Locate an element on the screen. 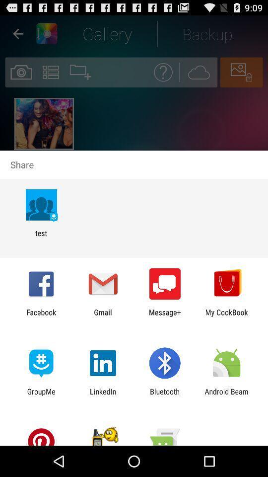 Image resolution: width=268 pixels, height=477 pixels. the app to the right of groupme is located at coordinates (102, 396).